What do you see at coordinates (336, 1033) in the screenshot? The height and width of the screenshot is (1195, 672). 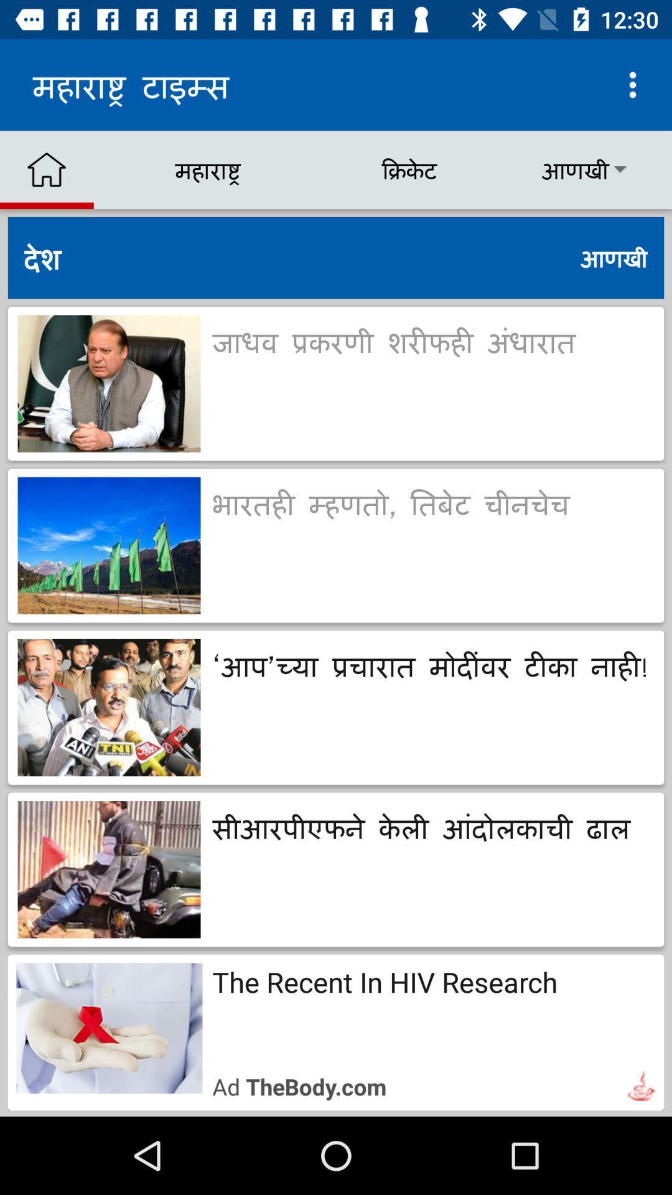 I see `the last post at bottom of the page` at bounding box center [336, 1033].